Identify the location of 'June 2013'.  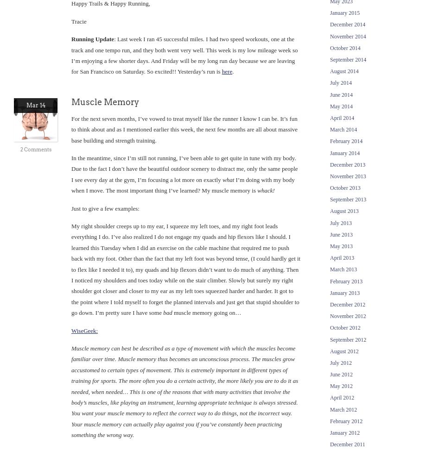
(341, 234).